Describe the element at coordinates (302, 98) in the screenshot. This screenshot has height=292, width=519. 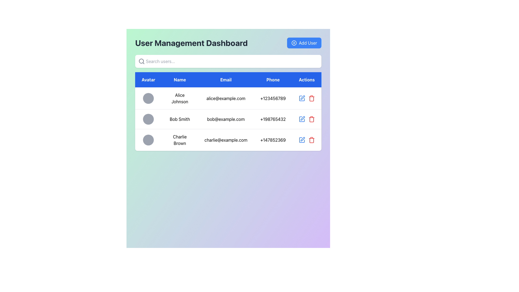
I see `the icon button located in the 'Actions' column next to the delete button for Bob Smith` at that location.